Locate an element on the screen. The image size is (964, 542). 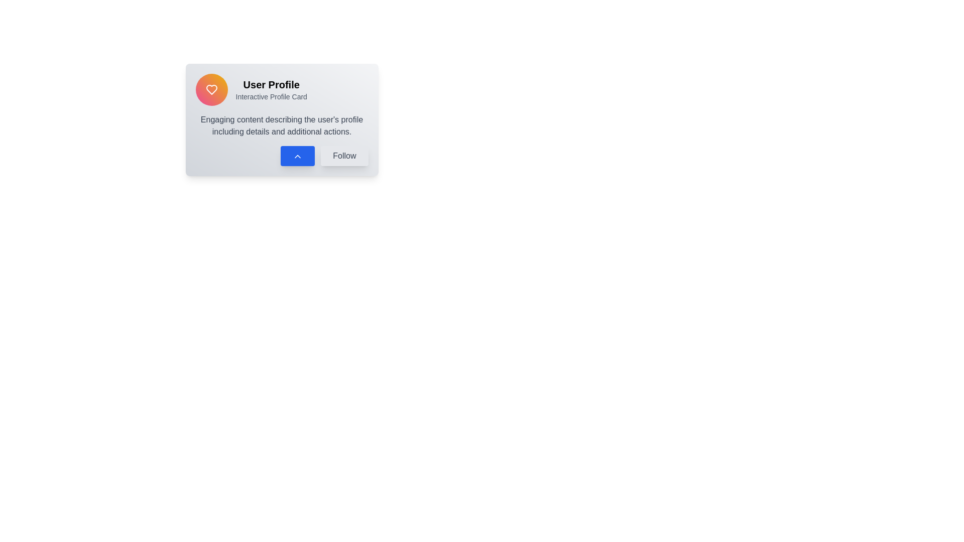
text block that contains the description: 'Engaging content describing the user's profile including details and additional actions.' which is located prominently within the card layout is located at coordinates (281, 125).